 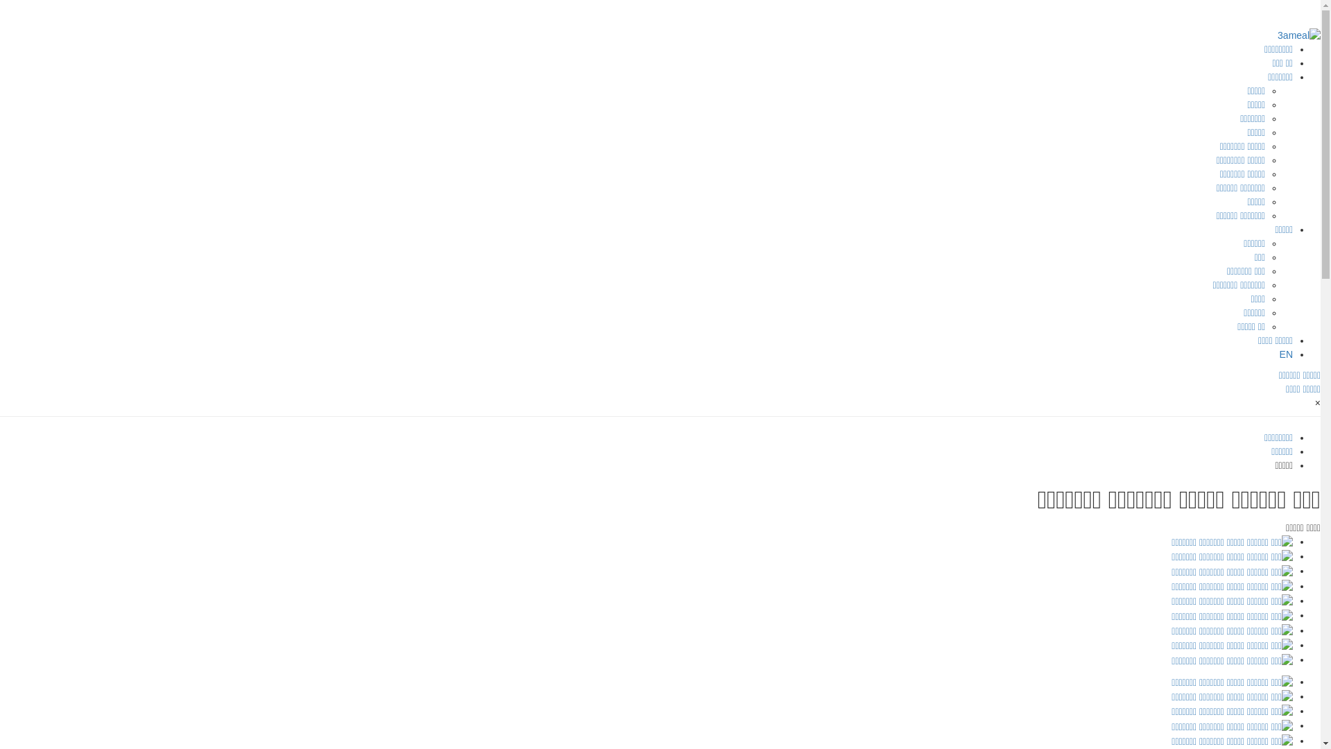 What do you see at coordinates (1285, 353) in the screenshot?
I see `'EN'` at bounding box center [1285, 353].